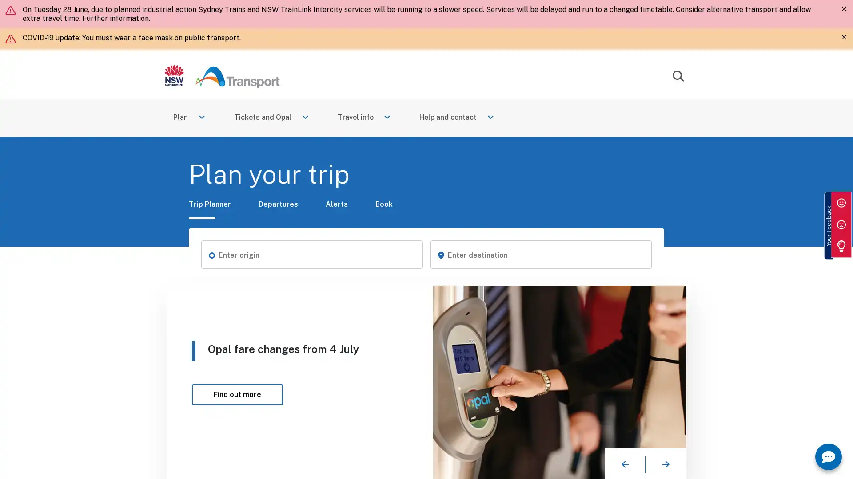 This screenshot has height=479, width=853. Describe the element at coordinates (211, 255) in the screenshot. I see `search for stops` at that location.